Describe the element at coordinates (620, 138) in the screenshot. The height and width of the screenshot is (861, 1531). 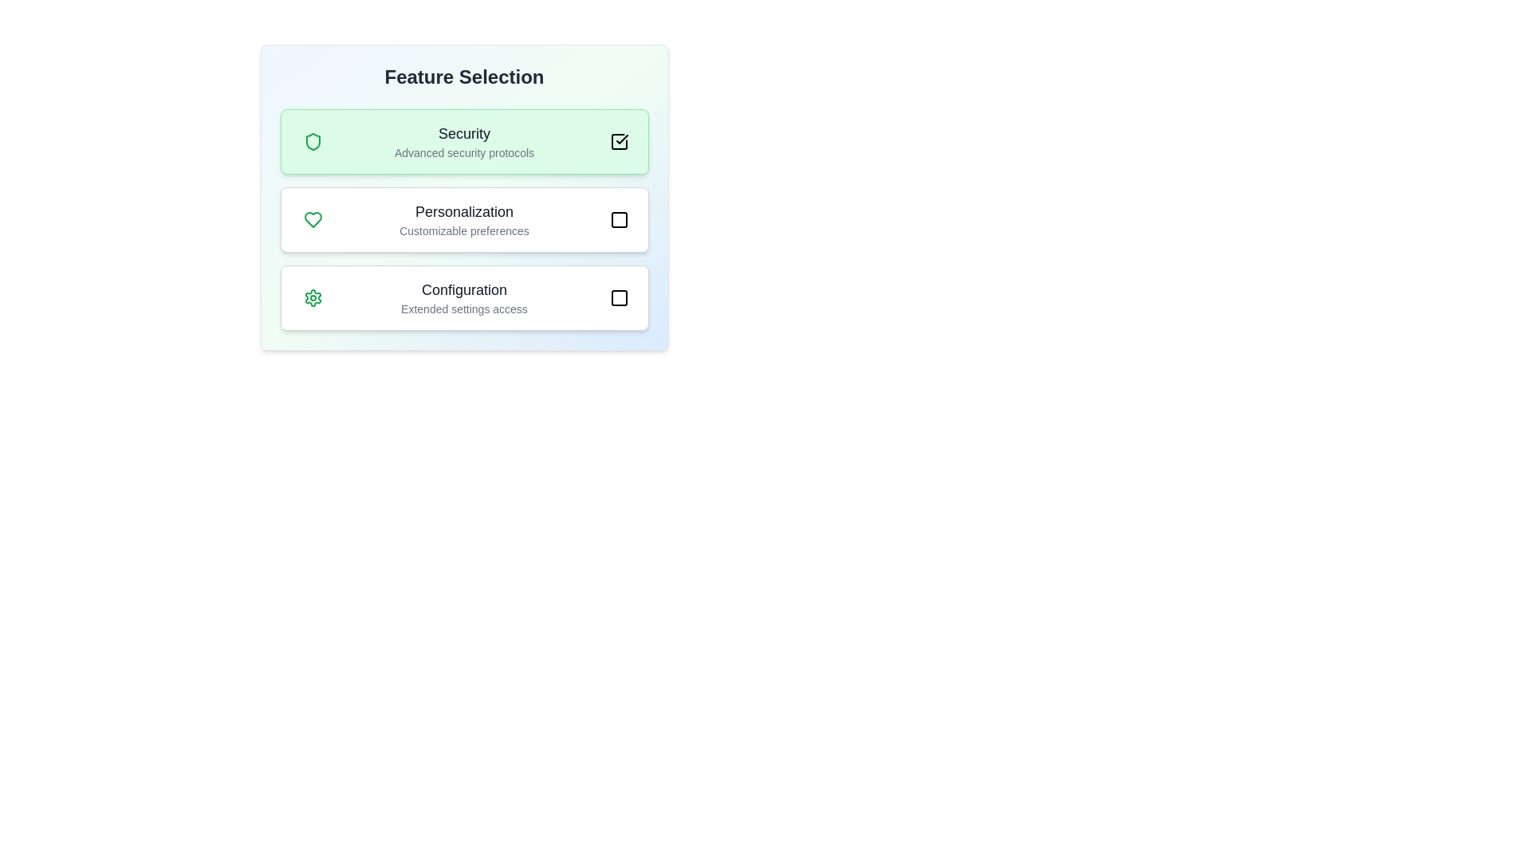
I see `the checkmark icon located at the top-right corner of the highlighted 'Security' interactive box, which indicates a successful operation or selected state` at that location.